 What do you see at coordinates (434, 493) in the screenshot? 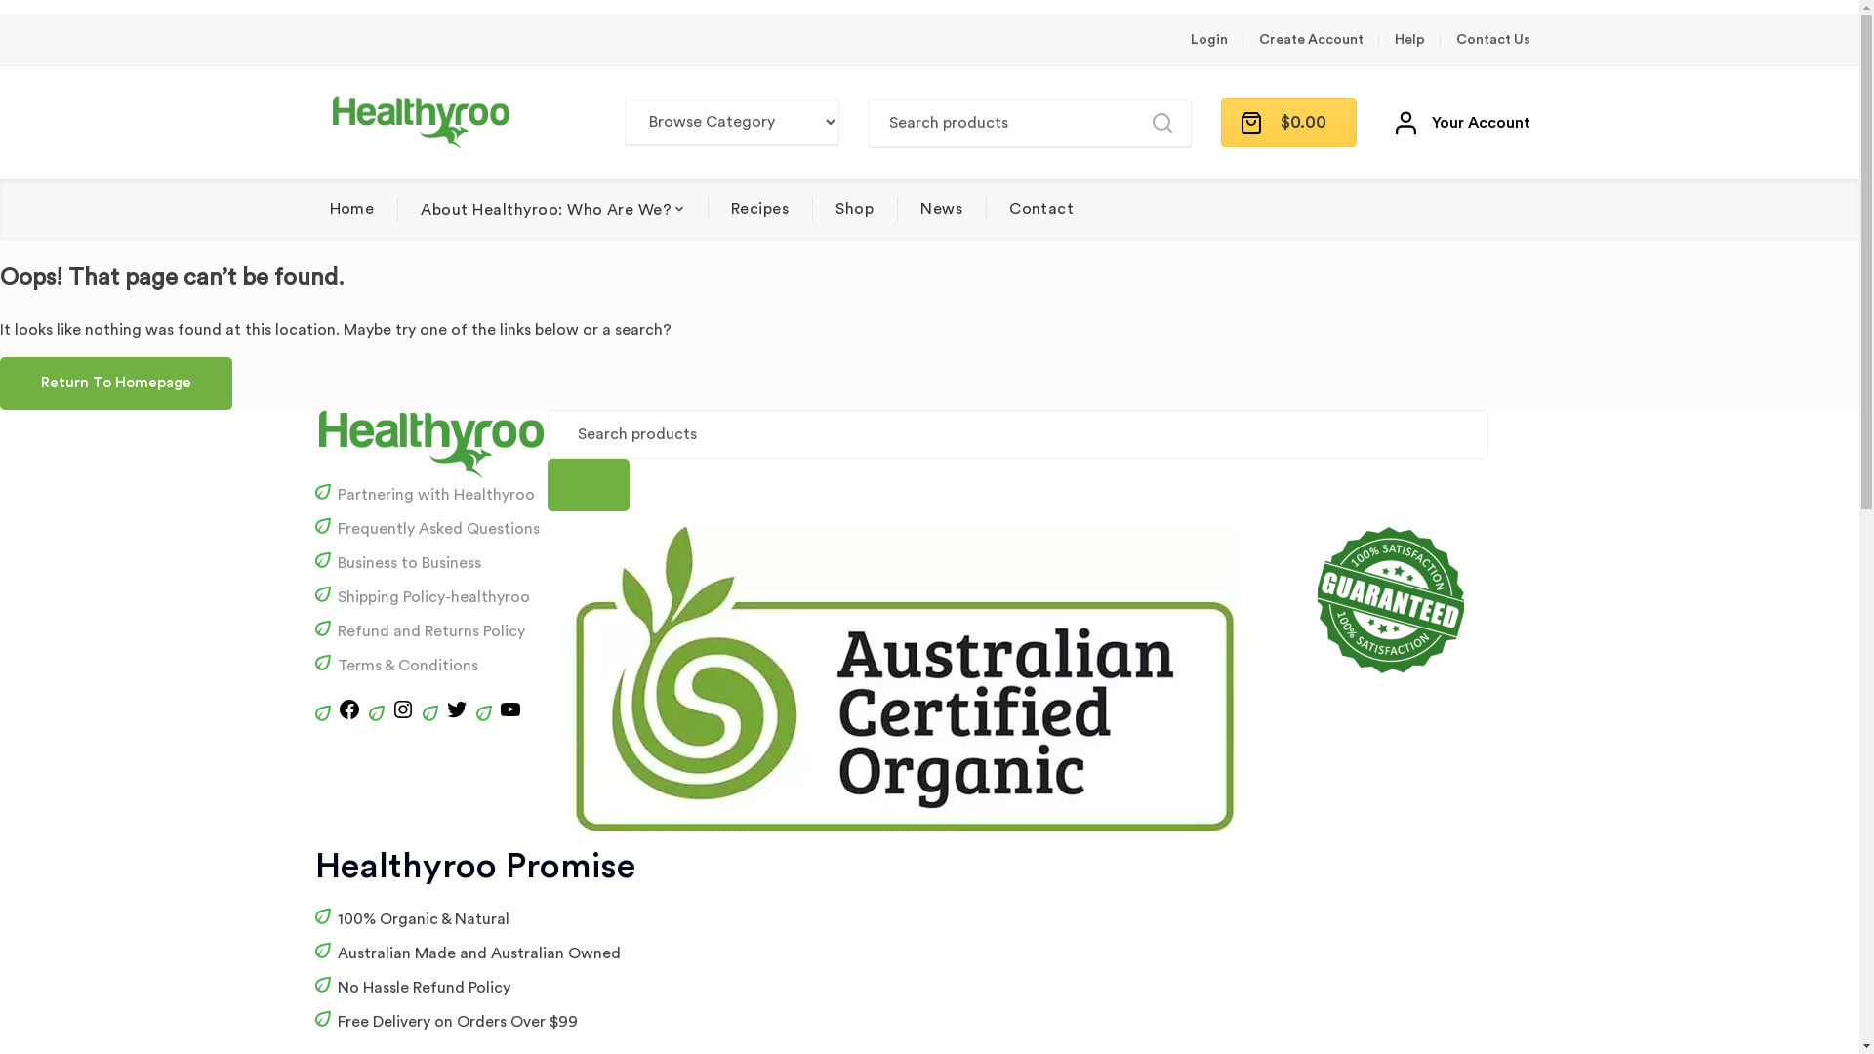
I see `'Partnering with Healthyroo'` at bounding box center [434, 493].